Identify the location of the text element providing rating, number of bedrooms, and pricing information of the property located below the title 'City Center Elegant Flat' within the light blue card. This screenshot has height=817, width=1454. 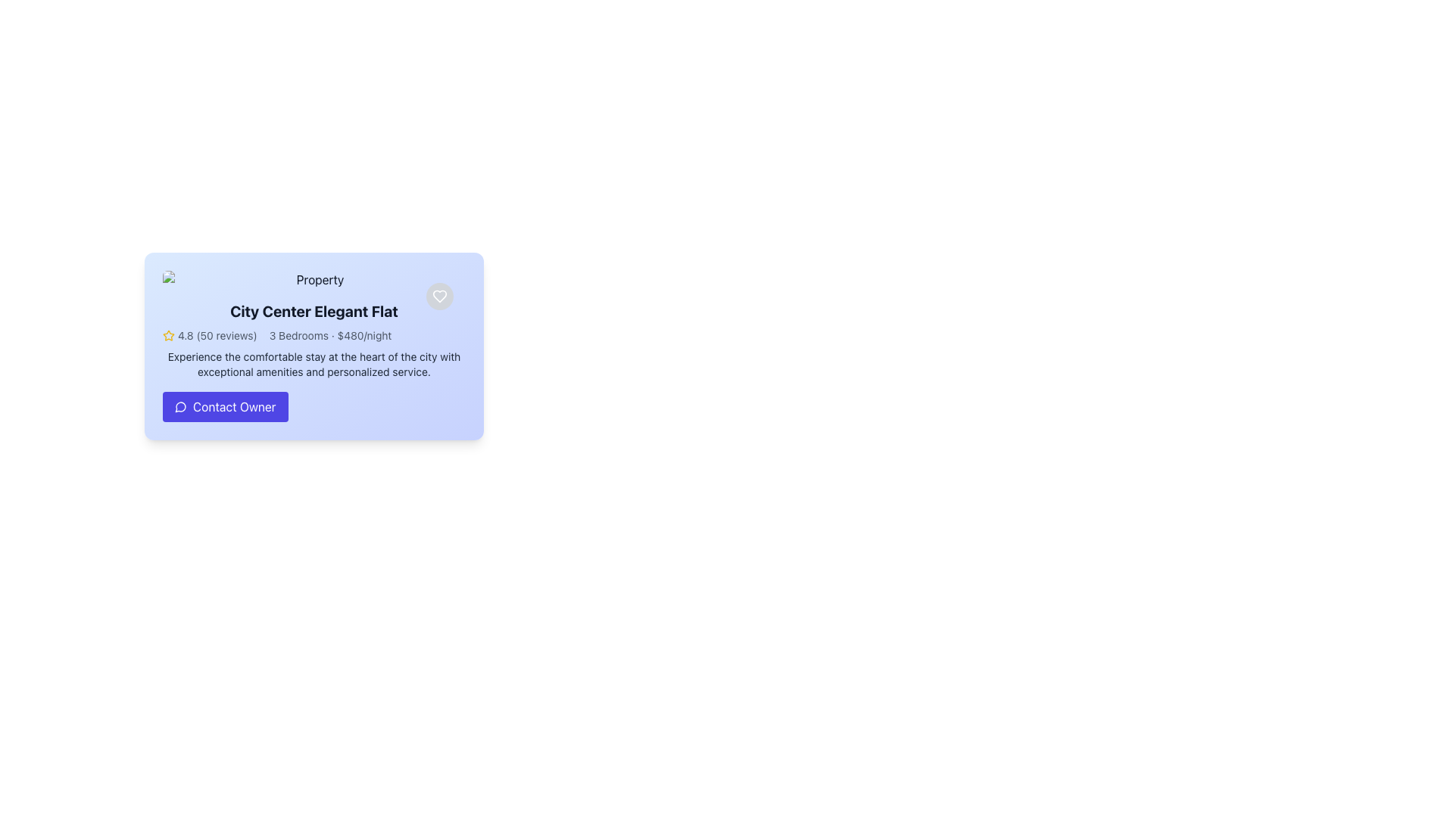
(313, 334).